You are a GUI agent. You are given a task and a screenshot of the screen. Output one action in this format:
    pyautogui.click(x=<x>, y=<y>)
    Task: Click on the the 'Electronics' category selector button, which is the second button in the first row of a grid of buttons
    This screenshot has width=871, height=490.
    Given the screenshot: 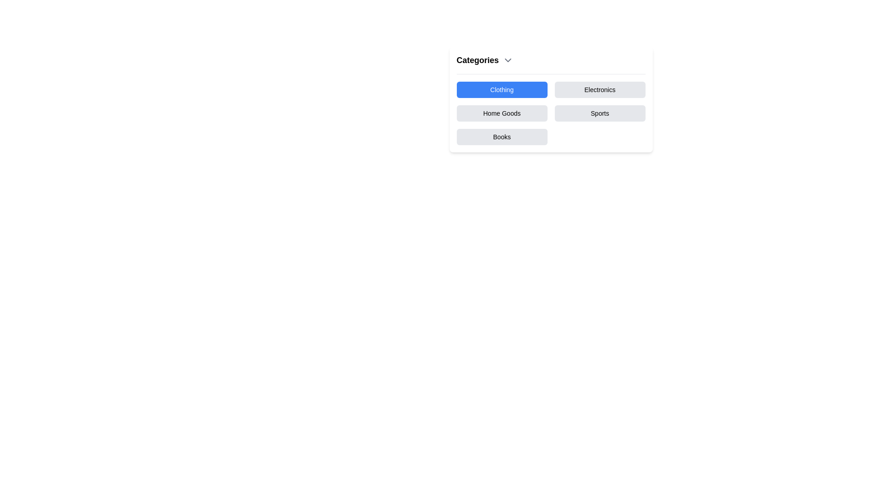 What is the action you would take?
    pyautogui.click(x=600, y=89)
    